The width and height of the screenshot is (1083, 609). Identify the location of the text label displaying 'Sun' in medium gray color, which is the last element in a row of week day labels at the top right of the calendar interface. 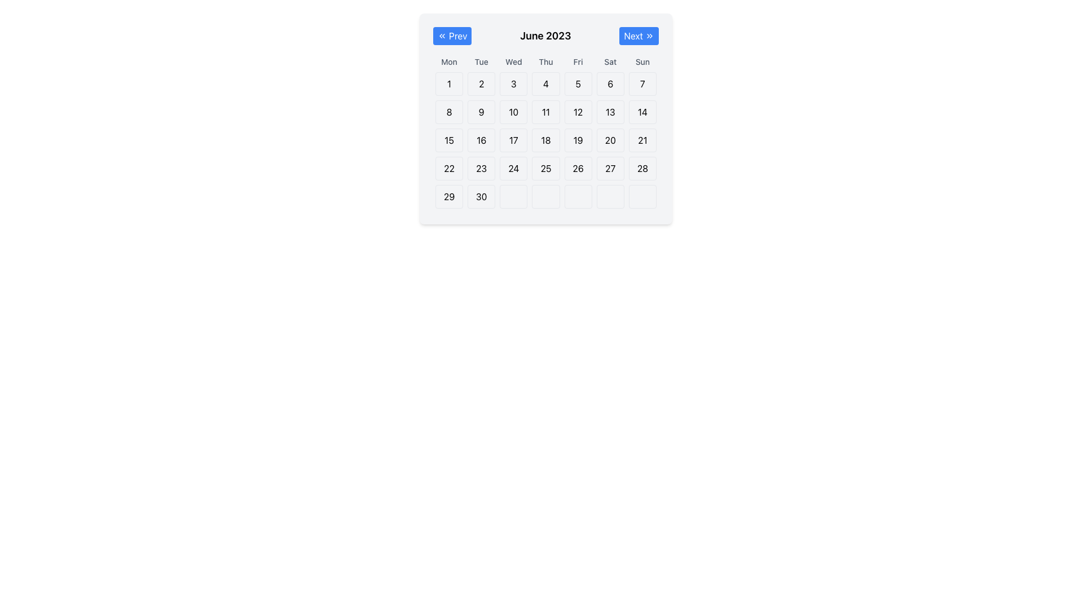
(642, 62).